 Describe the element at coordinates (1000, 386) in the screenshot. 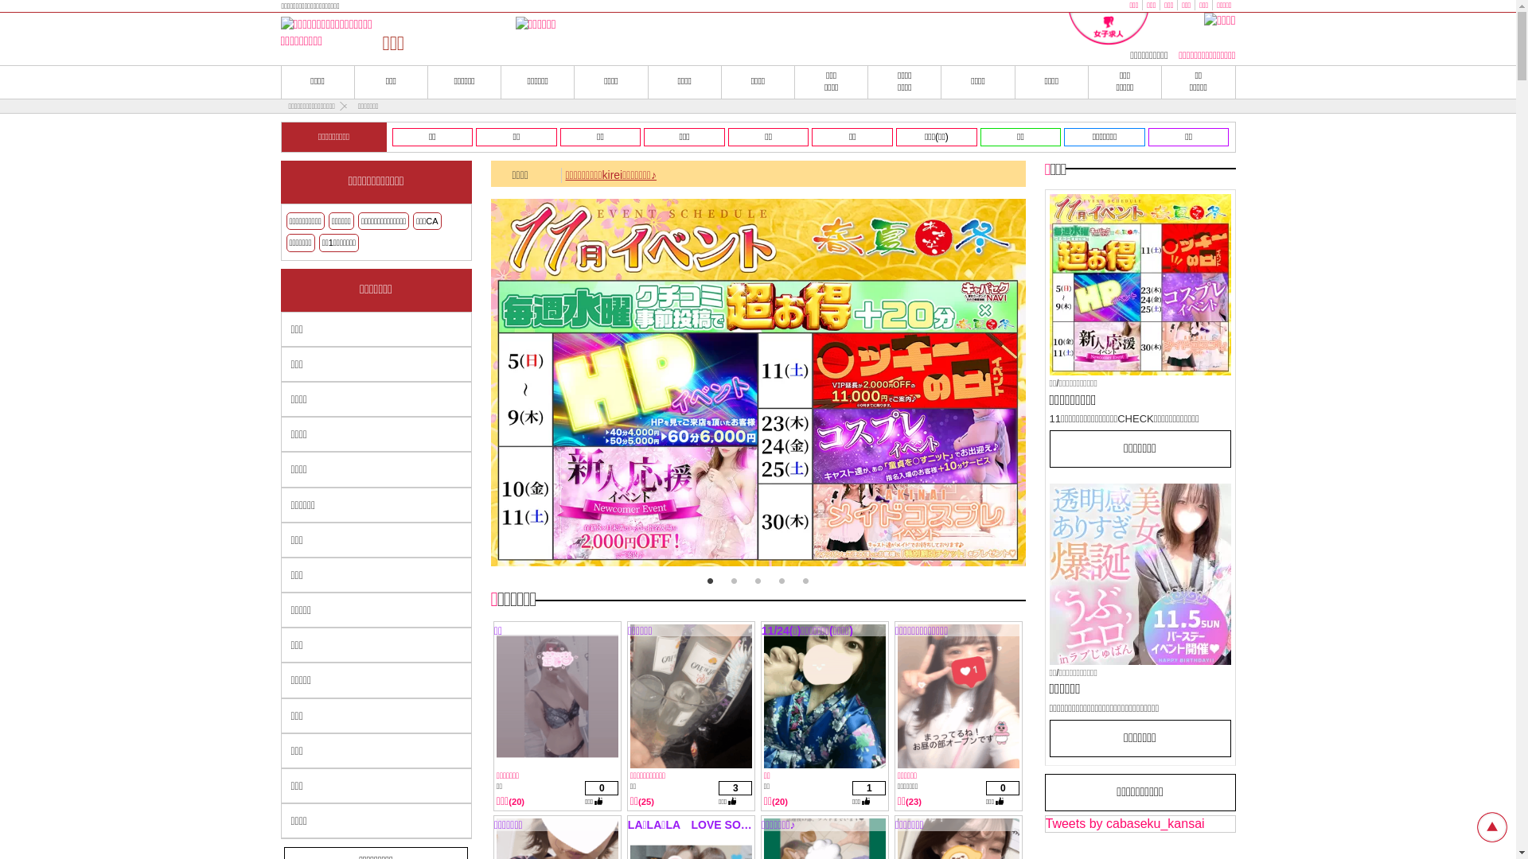

I see `'Next'` at that location.